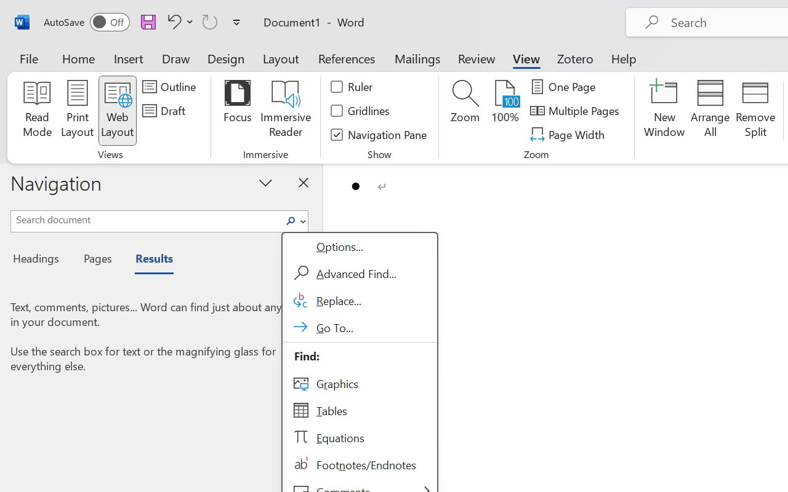  What do you see at coordinates (755, 110) in the screenshot?
I see `'Remove Split'` at bounding box center [755, 110].